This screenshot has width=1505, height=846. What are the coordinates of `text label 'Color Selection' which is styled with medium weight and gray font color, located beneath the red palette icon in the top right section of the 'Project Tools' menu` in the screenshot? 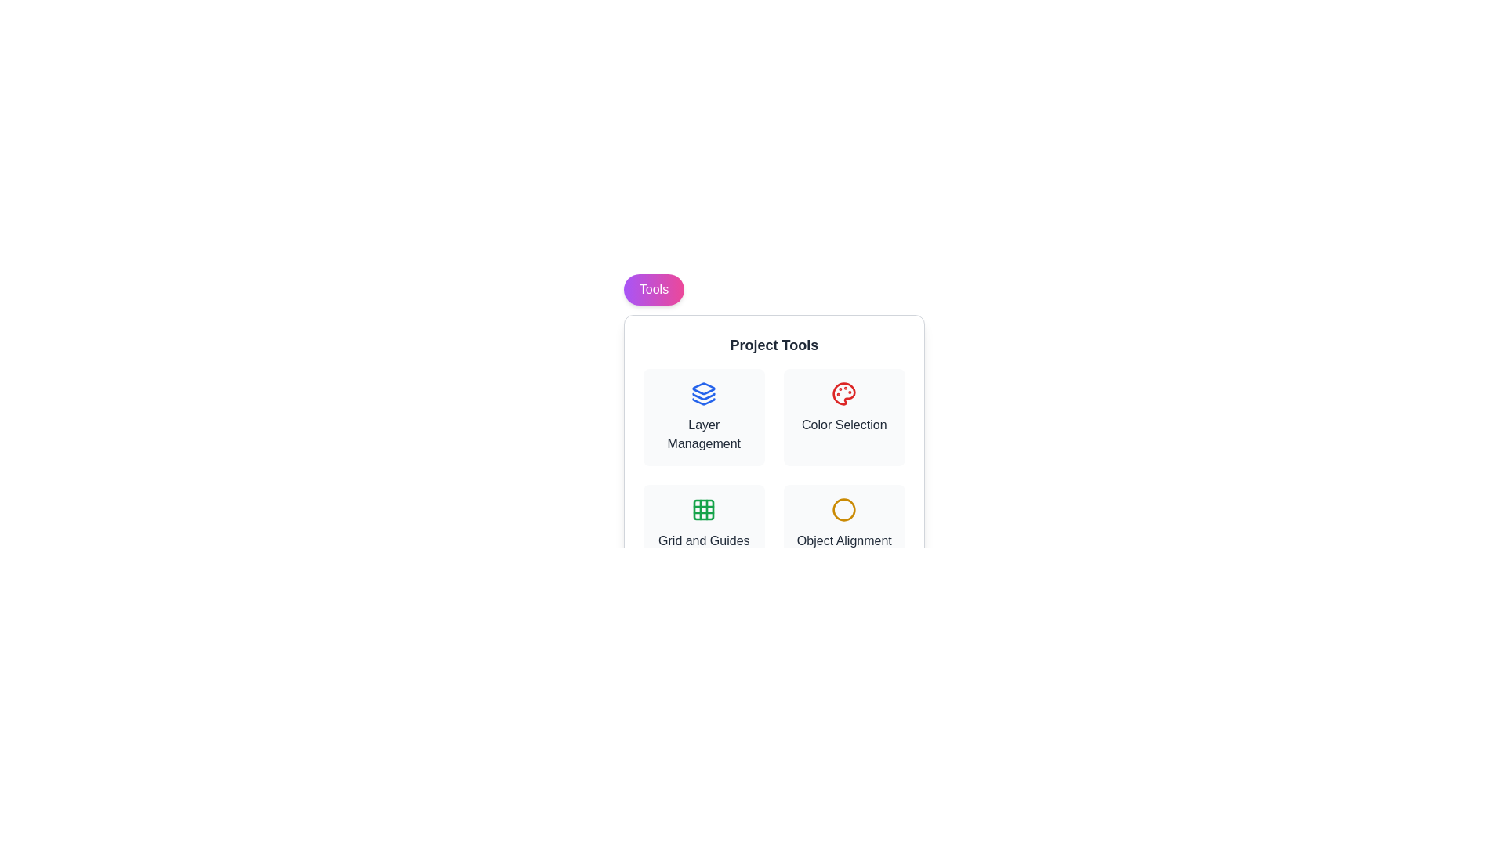 It's located at (843, 425).